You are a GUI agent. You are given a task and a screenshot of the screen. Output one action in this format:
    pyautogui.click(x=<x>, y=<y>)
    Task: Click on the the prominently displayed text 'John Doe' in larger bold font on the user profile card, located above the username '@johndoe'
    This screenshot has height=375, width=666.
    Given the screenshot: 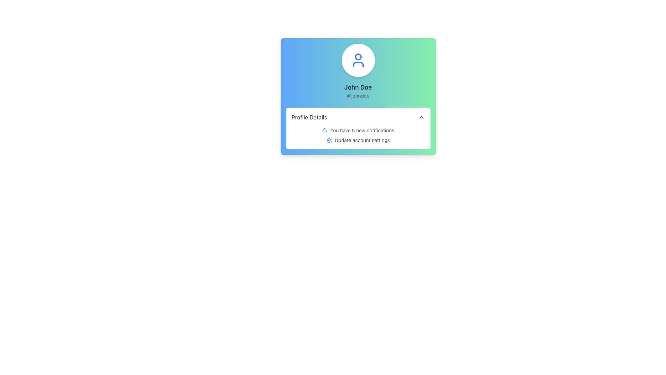 What is the action you would take?
    pyautogui.click(x=358, y=87)
    